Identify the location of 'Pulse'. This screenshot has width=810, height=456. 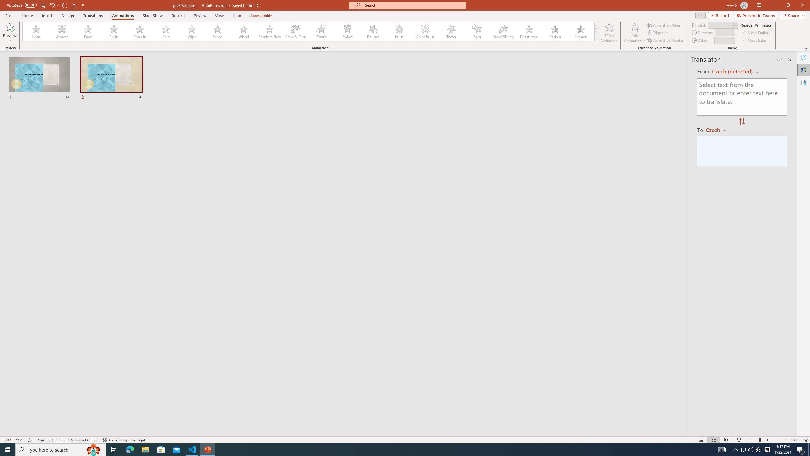
(399, 31).